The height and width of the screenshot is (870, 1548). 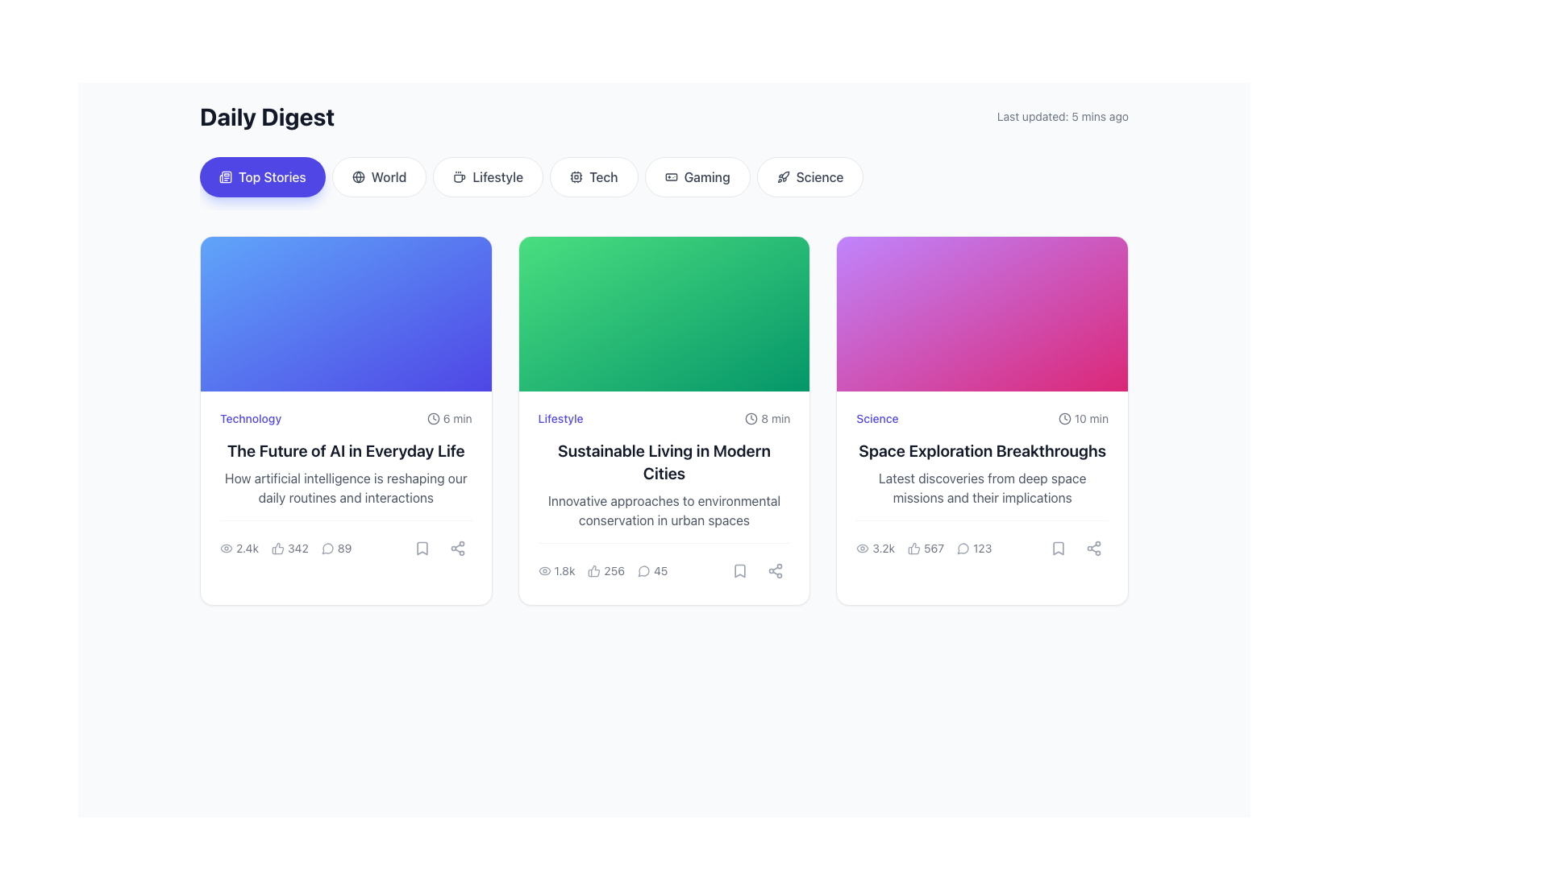 What do you see at coordinates (981, 450) in the screenshot?
I see `the text block displaying the title 'Space Exploration Breakthroughs' in the third card under the category 'Science'` at bounding box center [981, 450].